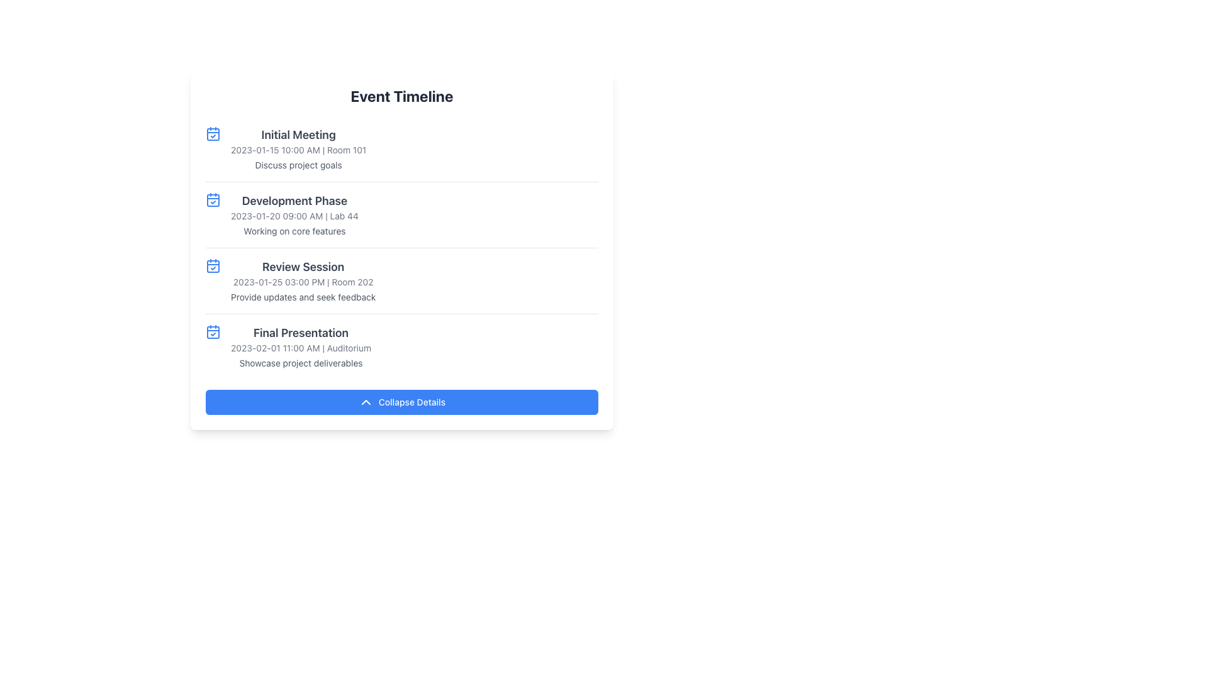 The width and height of the screenshot is (1208, 679). What do you see at coordinates (401, 214) in the screenshot?
I see `information displayed in the structured information block, which details the scheduled event located below the 'Initial Meeting' and above the 'Review Session' on the card` at bounding box center [401, 214].